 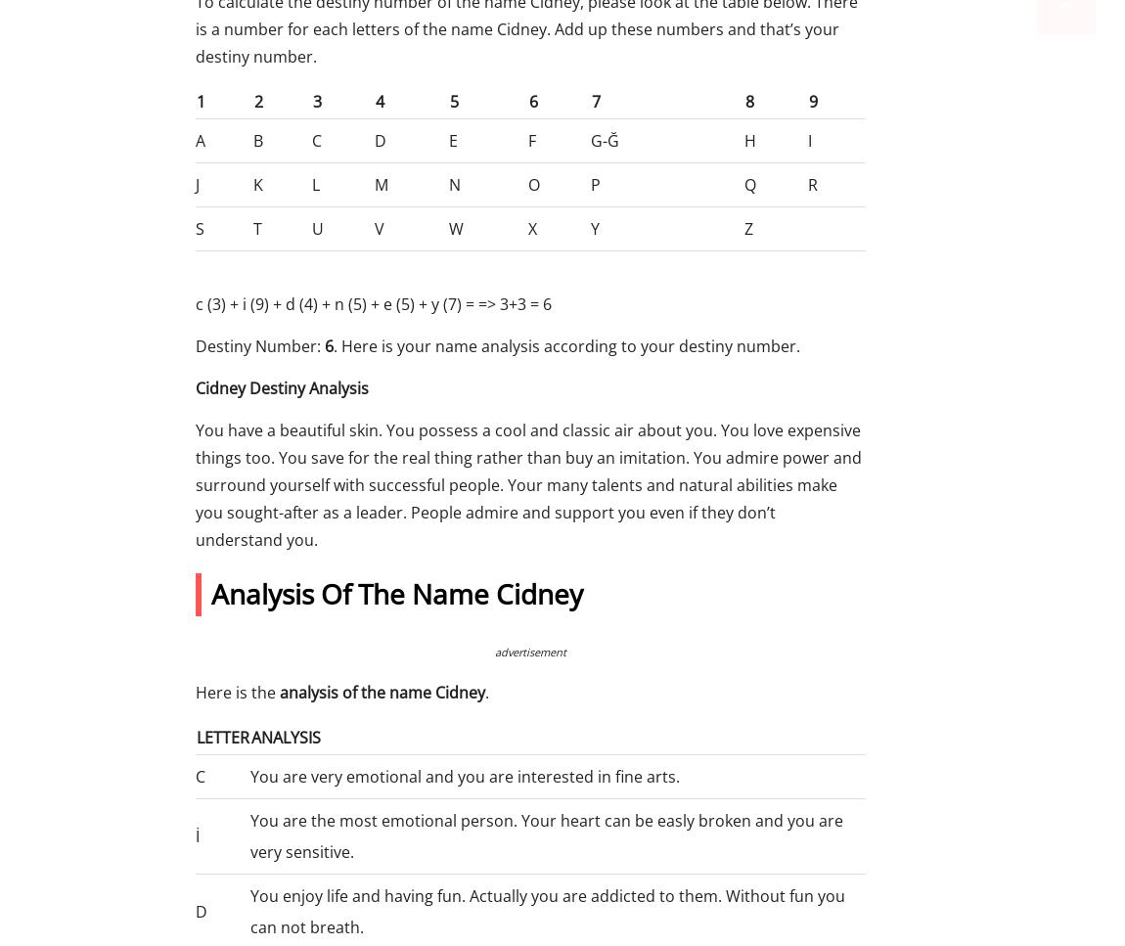 I want to click on 'S', so click(x=199, y=229).